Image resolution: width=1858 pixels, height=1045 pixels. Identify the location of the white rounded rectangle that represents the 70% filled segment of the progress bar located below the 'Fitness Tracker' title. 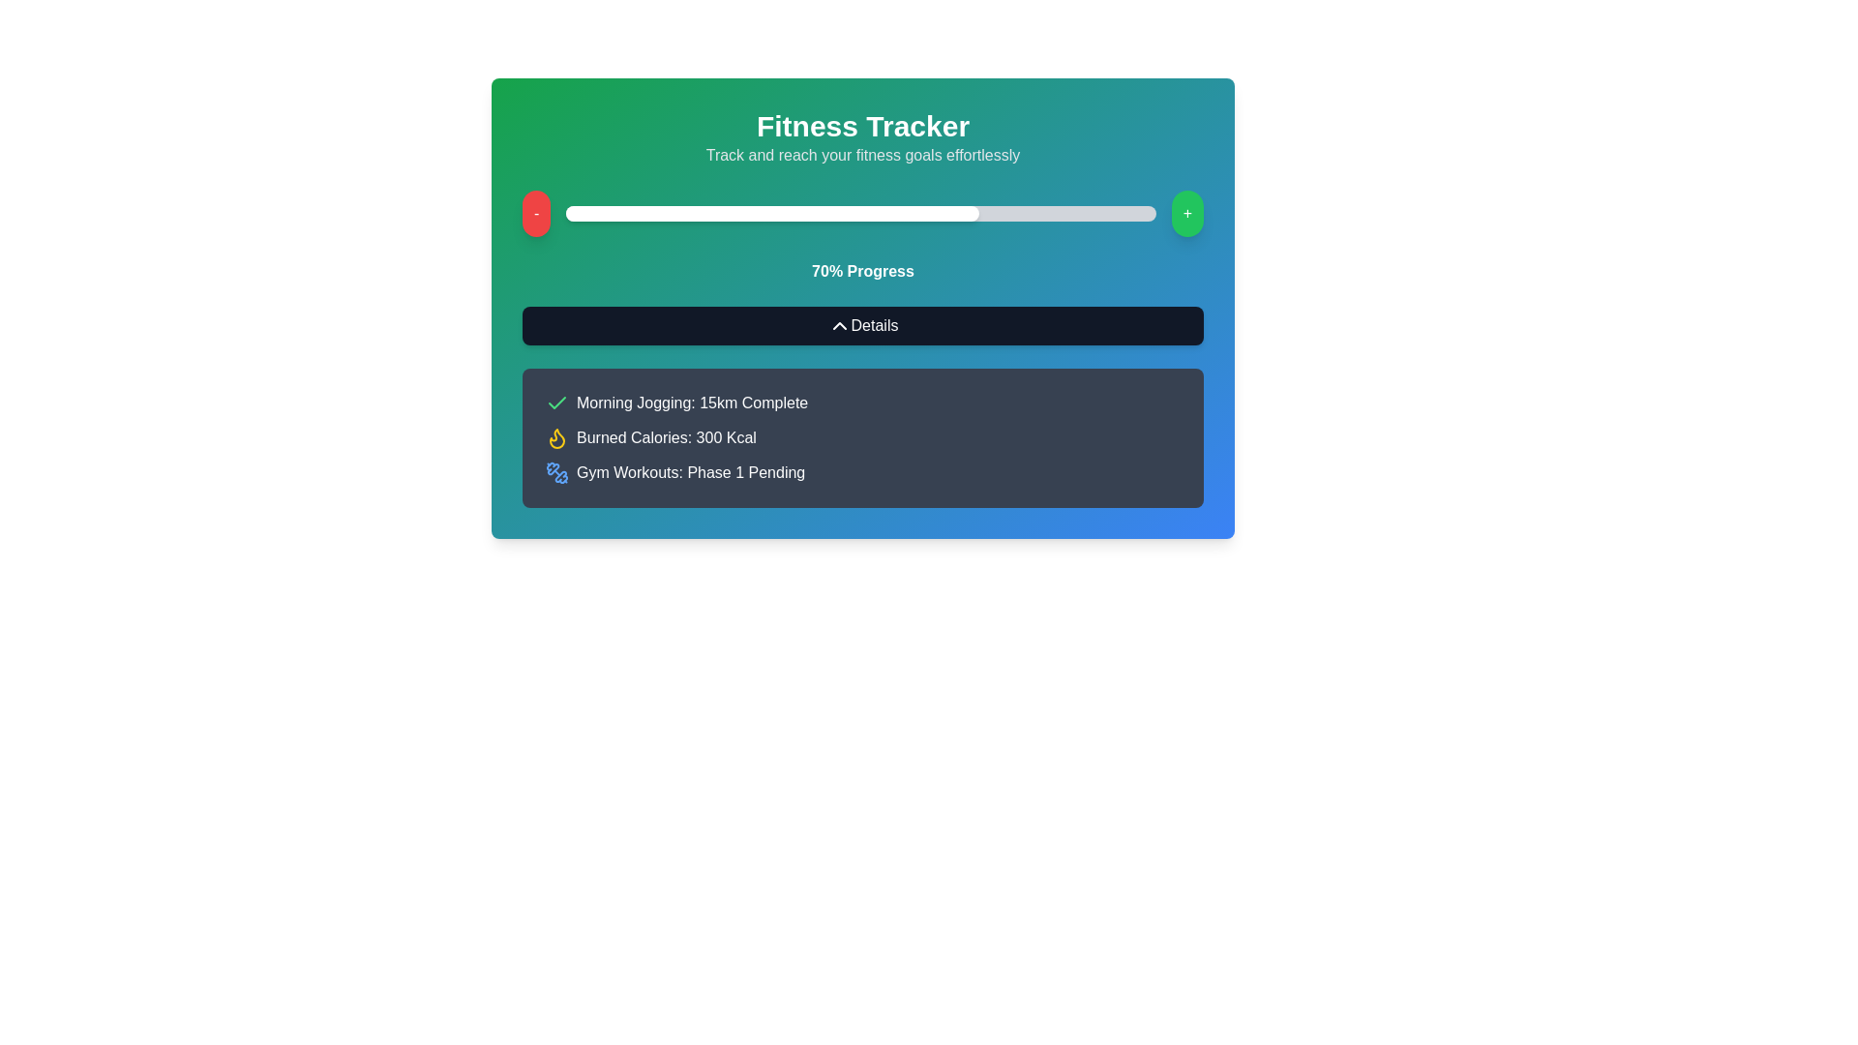
(771, 213).